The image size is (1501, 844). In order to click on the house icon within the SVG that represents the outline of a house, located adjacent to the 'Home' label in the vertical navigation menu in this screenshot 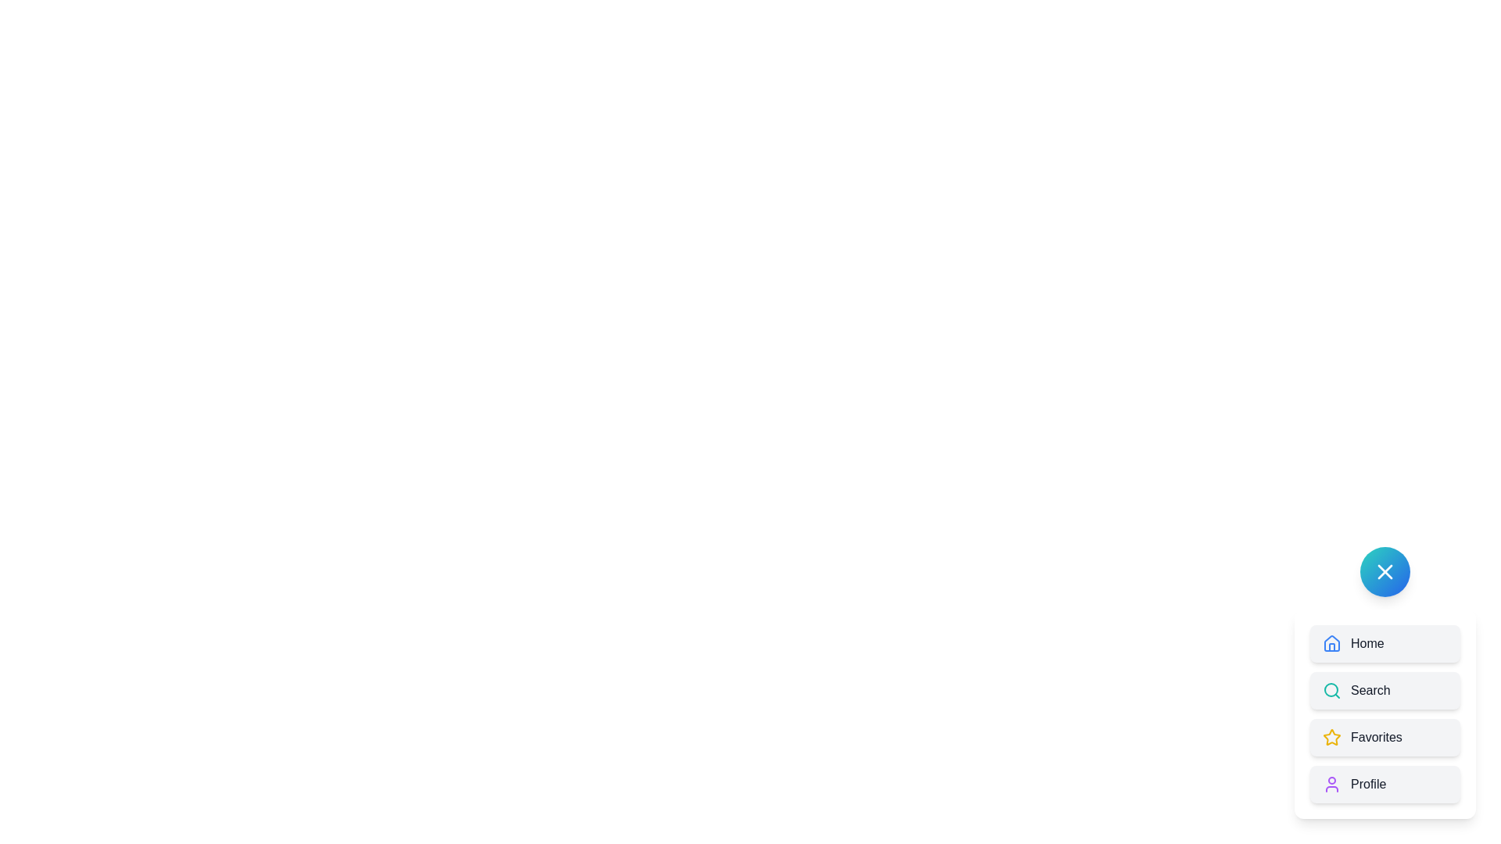, I will do `click(1331, 642)`.